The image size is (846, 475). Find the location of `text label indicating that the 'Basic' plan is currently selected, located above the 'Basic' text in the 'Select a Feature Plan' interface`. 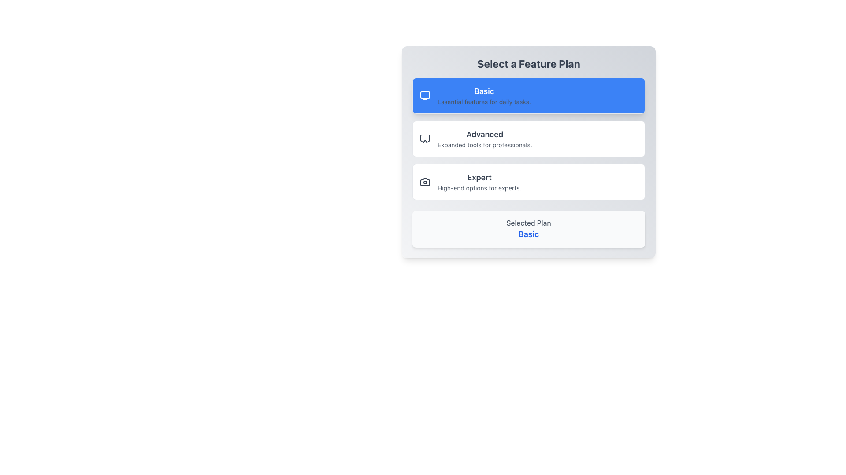

text label indicating that the 'Basic' plan is currently selected, located above the 'Basic' text in the 'Select a Feature Plan' interface is located at coordinates (529, 222).